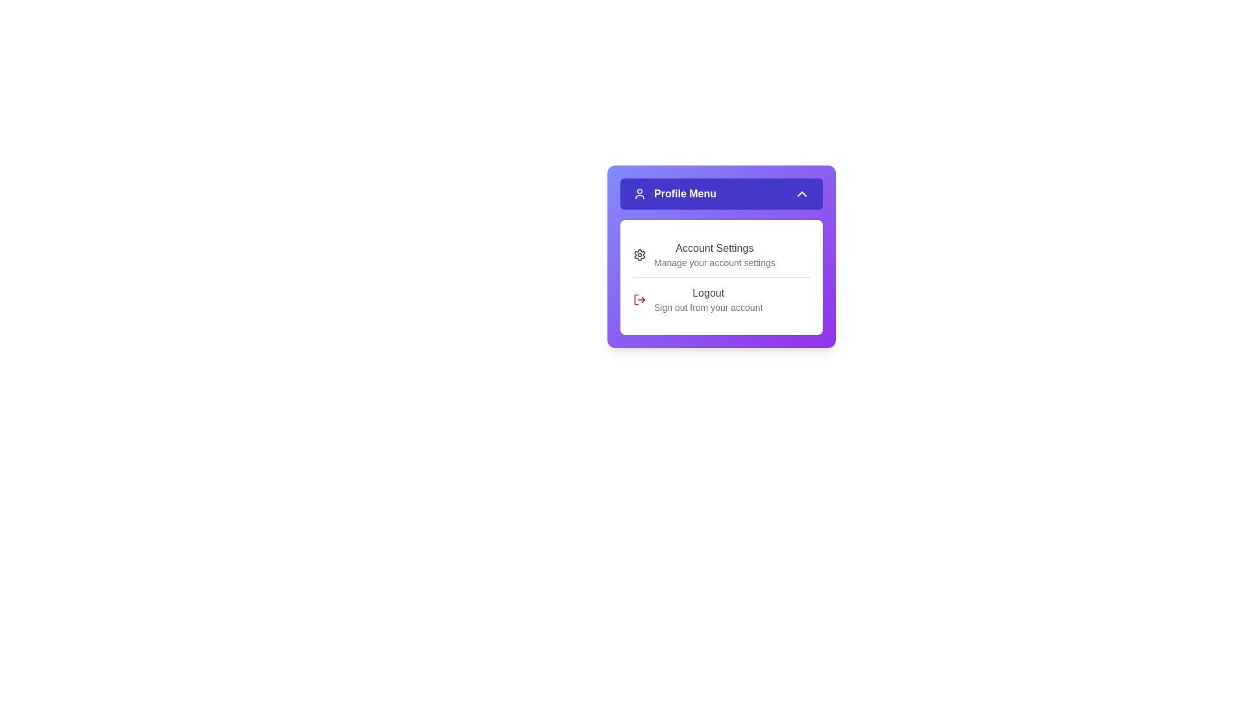 Image resolution: width=1246 pixels, height=701 pixels. Describe the element at coordinates (639, 300) in the screenshot. I see `the icon next to Logout` at that location.